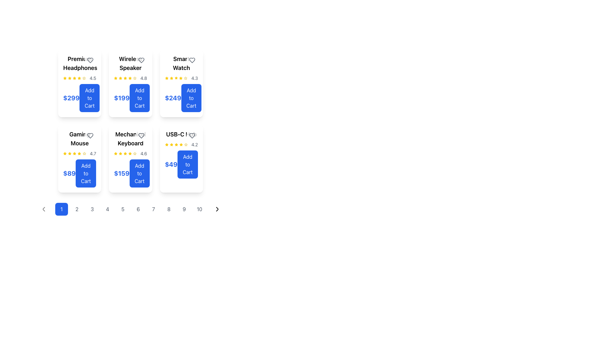 This screenshot has height=345, width=613. Describe the element at coordinates (116, 154) in the screenshot. I see `the first star icon representing a high rating of '4.6' in the 'Mechanical Keyboard' item card located in the second row of product cards` at that location.